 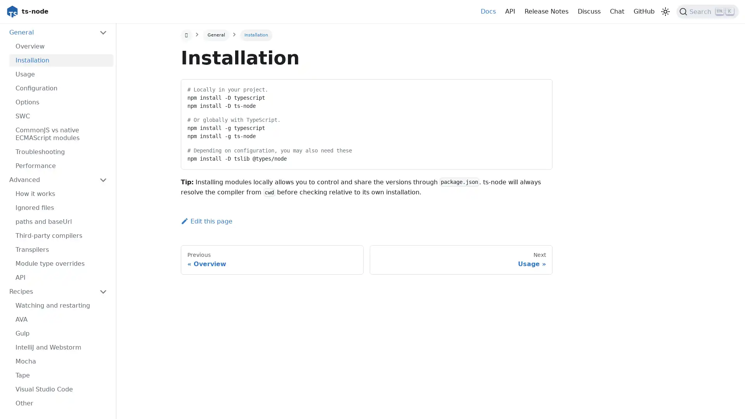 What do you see at coordinates (539, 87) in the screenshot?
I see `Copy code to clipboard` at bounding box center [539, 87].